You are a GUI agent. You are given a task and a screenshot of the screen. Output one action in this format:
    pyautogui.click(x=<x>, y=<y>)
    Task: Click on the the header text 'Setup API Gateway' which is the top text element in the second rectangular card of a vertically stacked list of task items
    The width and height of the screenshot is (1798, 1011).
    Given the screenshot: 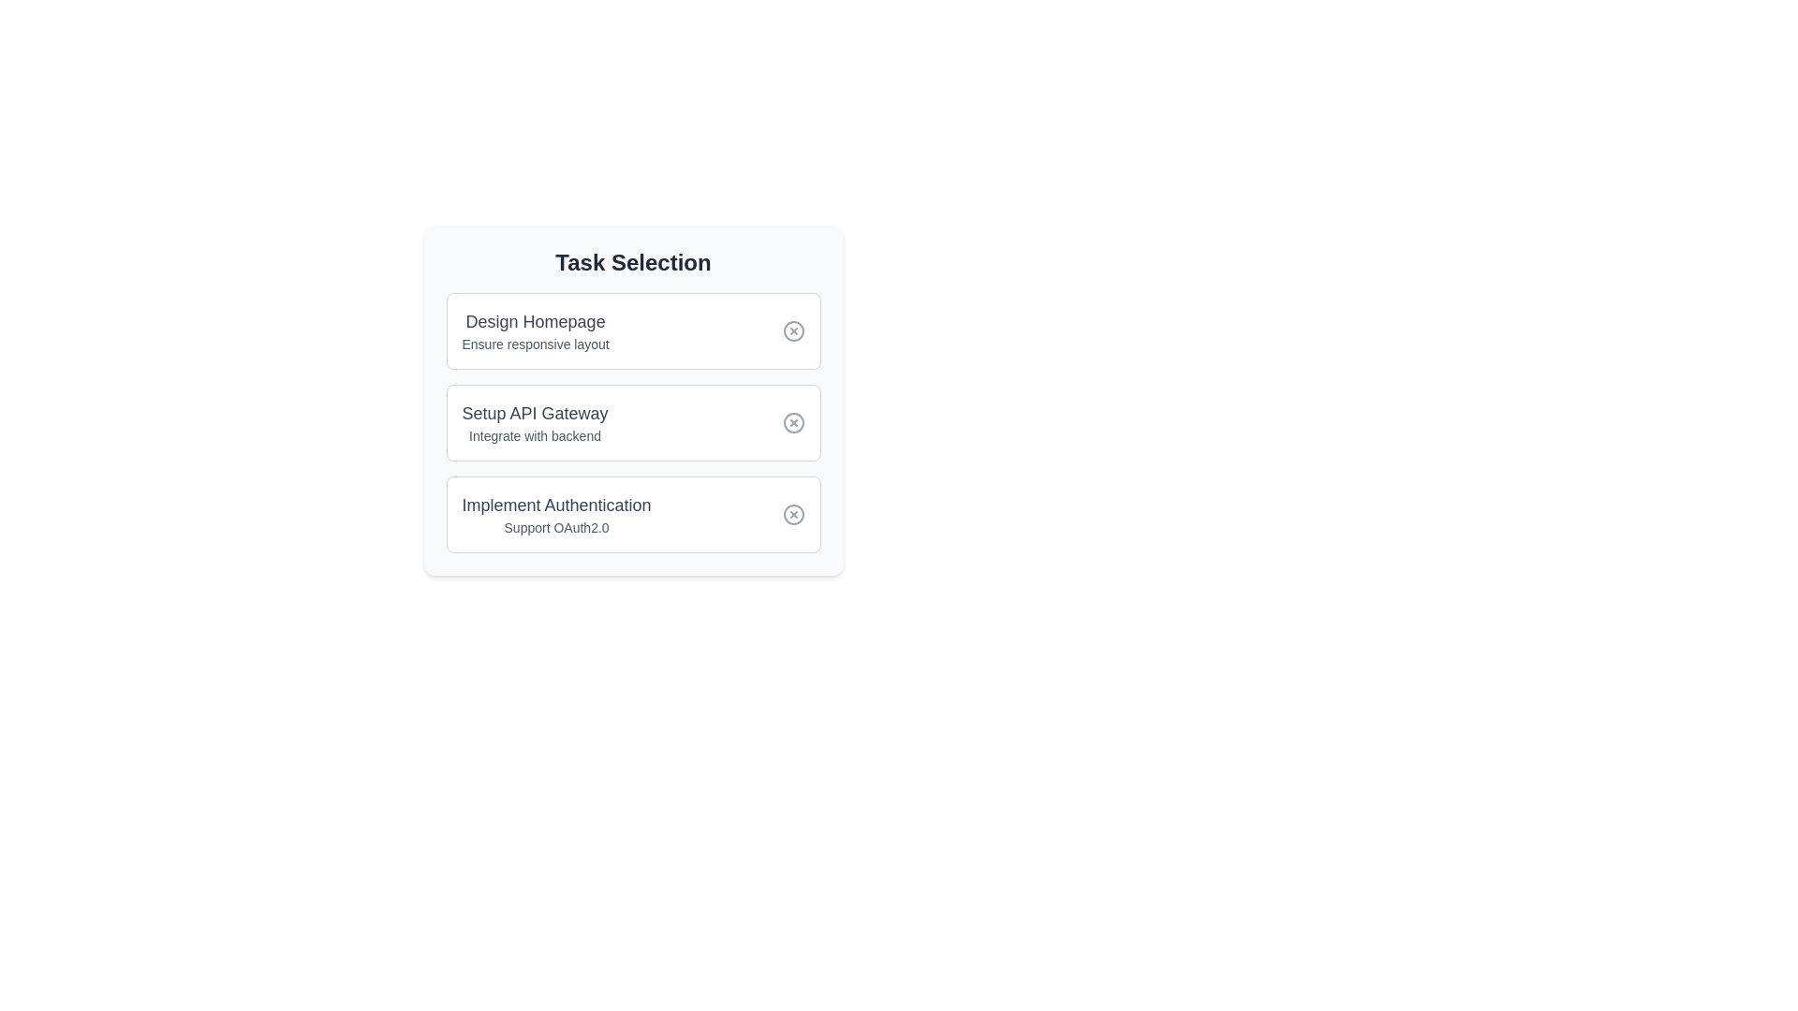 What is the action you would take?
    pyautogui.click(x=534, y=413)
    